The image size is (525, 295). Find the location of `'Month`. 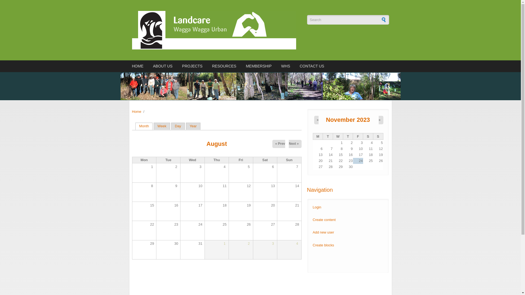

'Month is located at coordinates (144, 126).